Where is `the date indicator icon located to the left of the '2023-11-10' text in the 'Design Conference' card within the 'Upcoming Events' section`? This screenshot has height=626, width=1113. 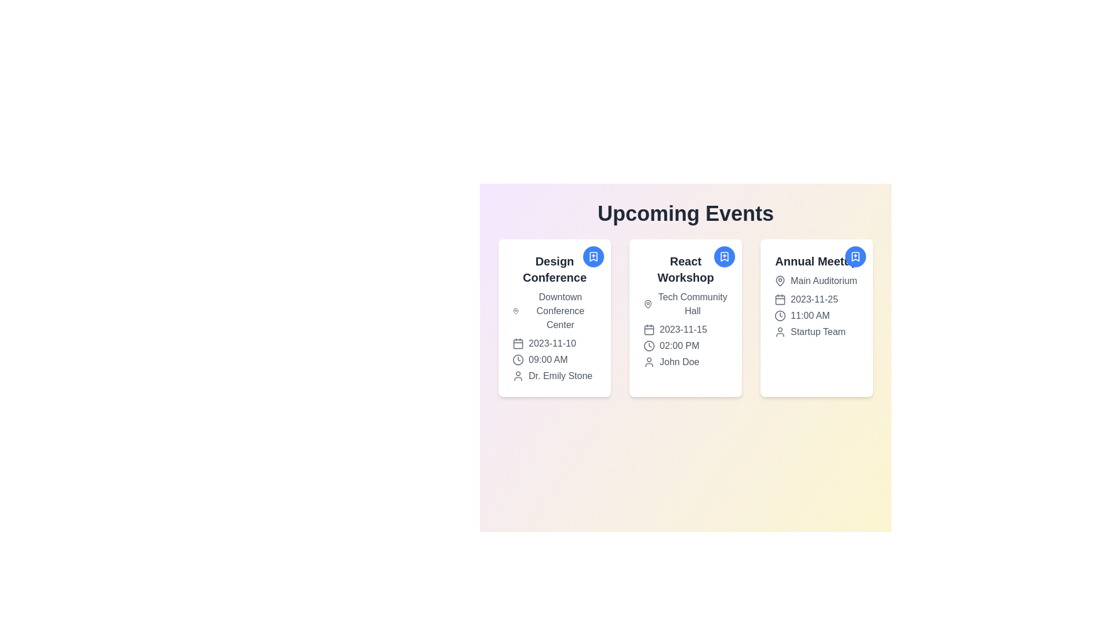 the date indicator icon located to the left of the '2023-11-10' text in the 'Design Conference' card within the 'Upcoming Events' section is located at coordinates (517, 343).